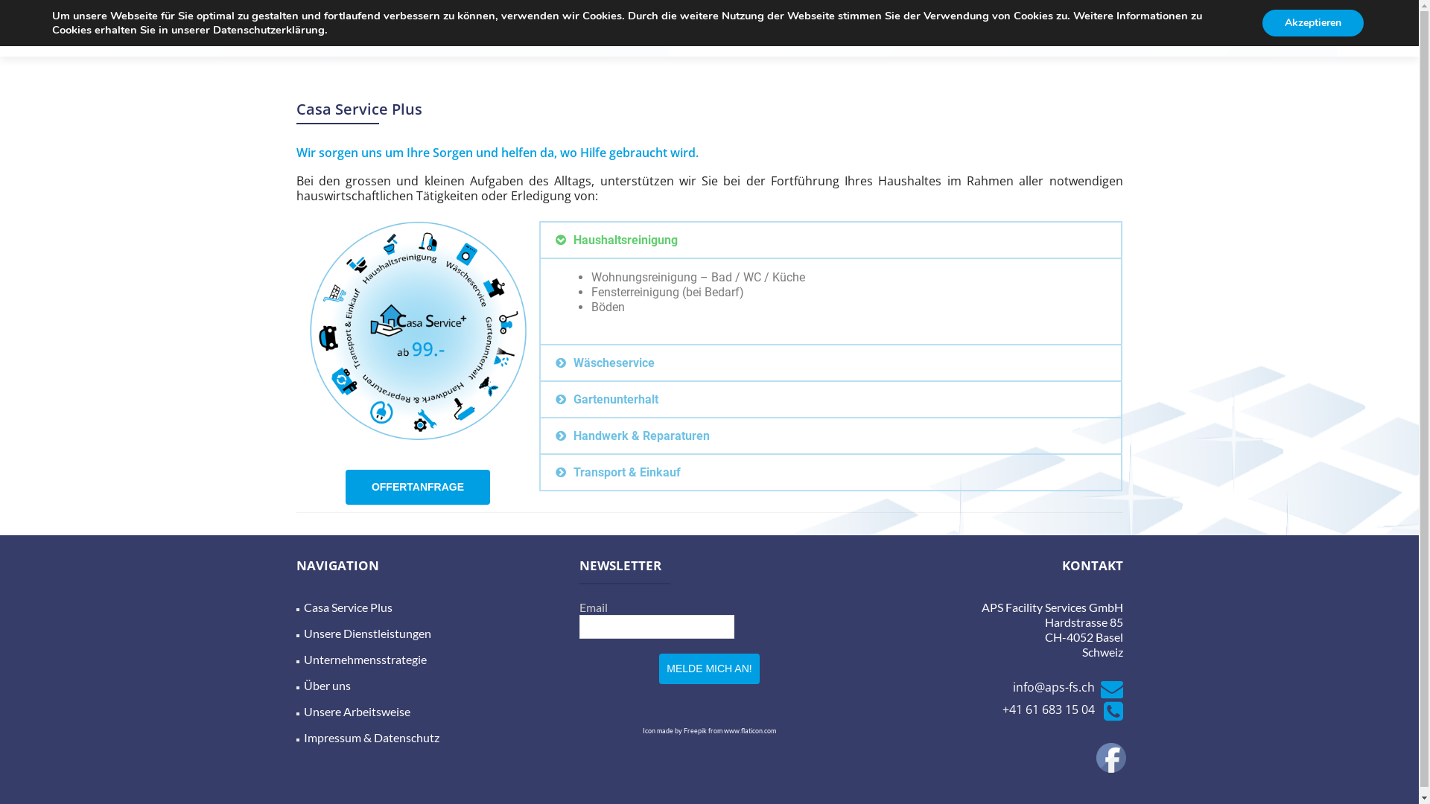 Image resolution: width=1430 pixels, height=804 pixels. Describe the element at coordinates (367, 633) in the screenshot. I see `'Unsere Dienstleistungen'` at that location.